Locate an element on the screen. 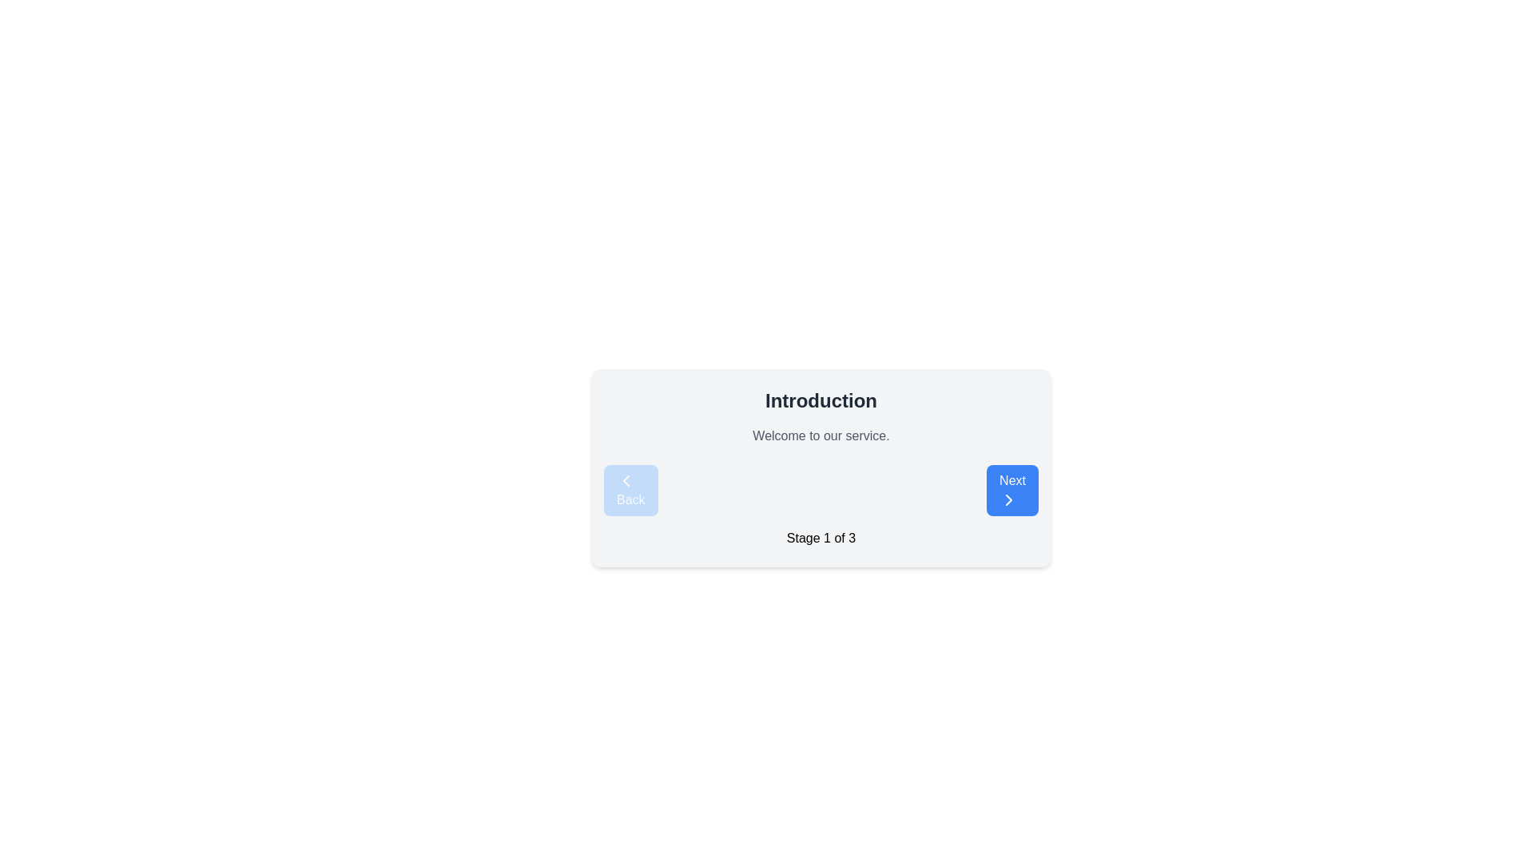  the text label that serves as an introductory message welcoming users to the service, positioned below the 'Introduction' heading and above the navigation section is located at coordinates (821, 436).